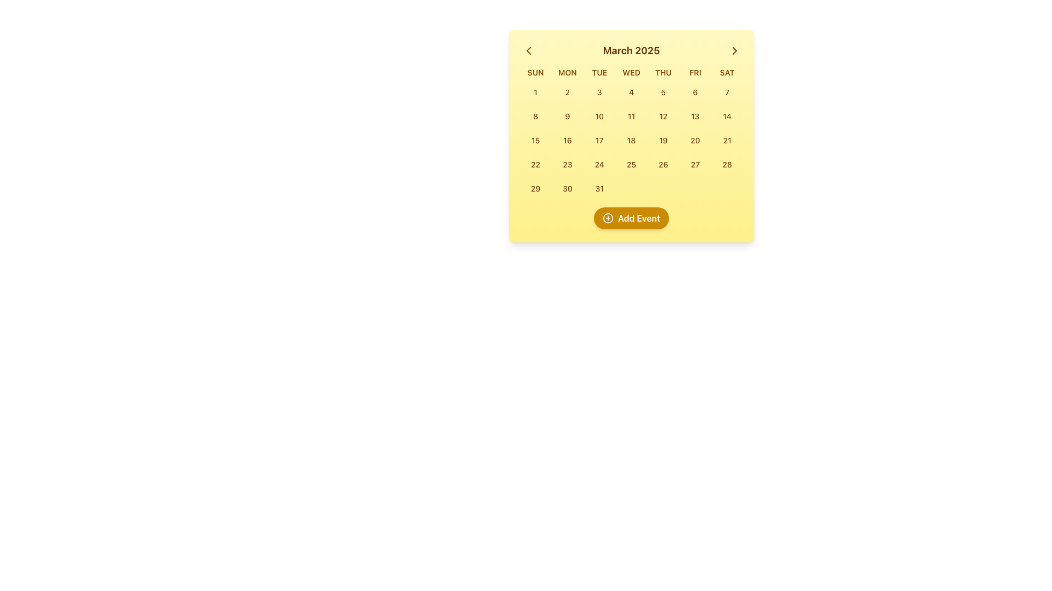 The image size is (1052, 591). What do you see at coordinates (631, 92) in the screenshot?
I see `the calendar day cell representing the number '4' in March 2025` at bounding box center [631, 92].